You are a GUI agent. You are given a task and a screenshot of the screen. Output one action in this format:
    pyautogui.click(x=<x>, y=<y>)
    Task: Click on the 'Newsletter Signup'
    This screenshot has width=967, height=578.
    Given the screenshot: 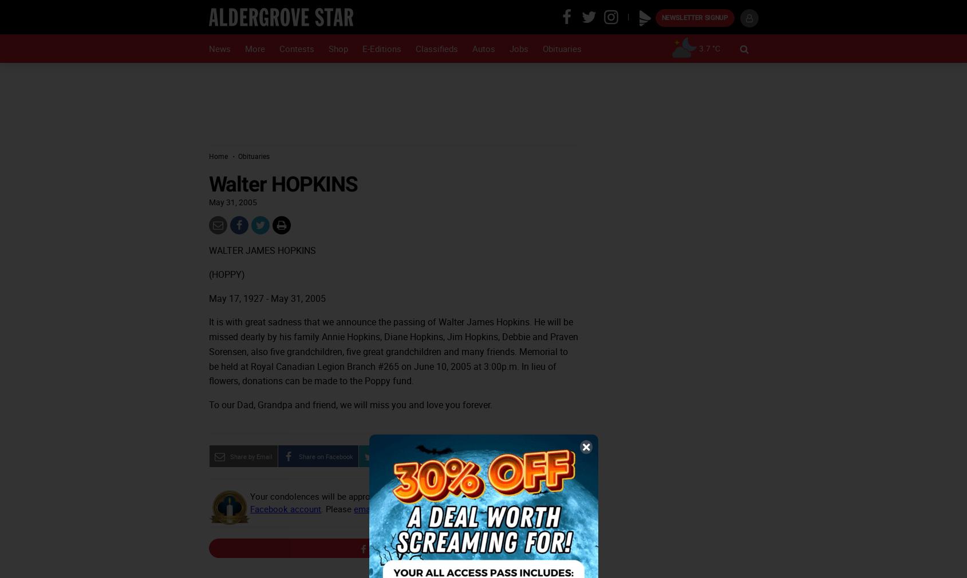 What is the action you would take?
    pyautogui.click(x=660, y=17)
    